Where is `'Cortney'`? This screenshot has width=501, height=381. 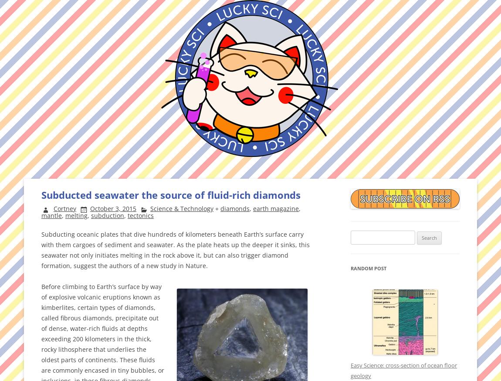 'Cortney' is located at coordinates (53, 208).